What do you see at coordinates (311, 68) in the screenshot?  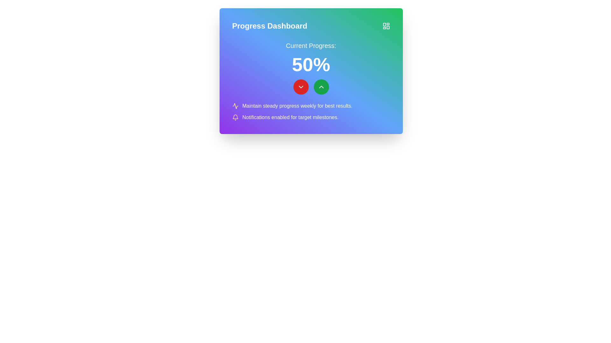 I see `the progress text displaying '50%'` at bounding box center [311, 68].